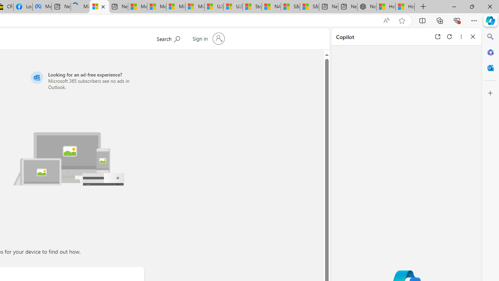 The image size is (499, 281). I want to click on 'Open link in new tab', so click(437, 36).